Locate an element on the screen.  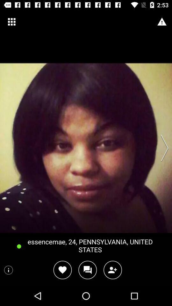
item below essencemae 24 pennsylvania is located at coordinates (112, 270).